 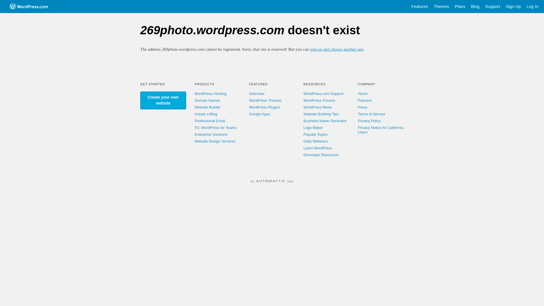 What do you see at coordinates (270, 181) in the screenshot?
I see `'Automattic'` at bounding box center [270, 181].